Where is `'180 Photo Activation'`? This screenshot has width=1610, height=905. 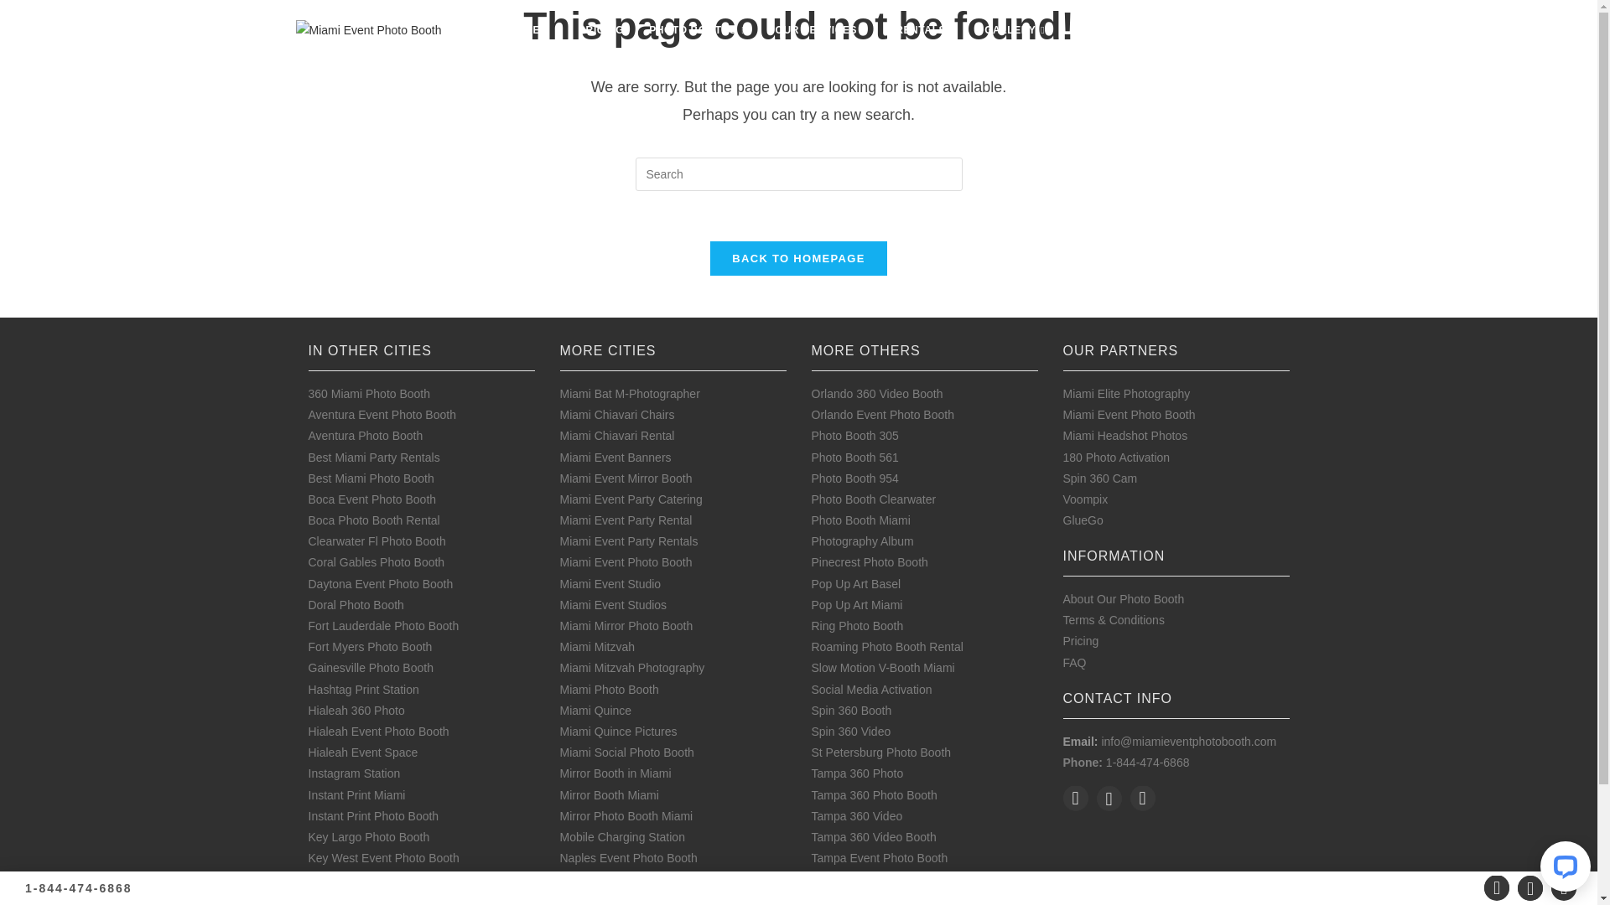 '180 Photo Activation' is located at coordinates (1116, 458).